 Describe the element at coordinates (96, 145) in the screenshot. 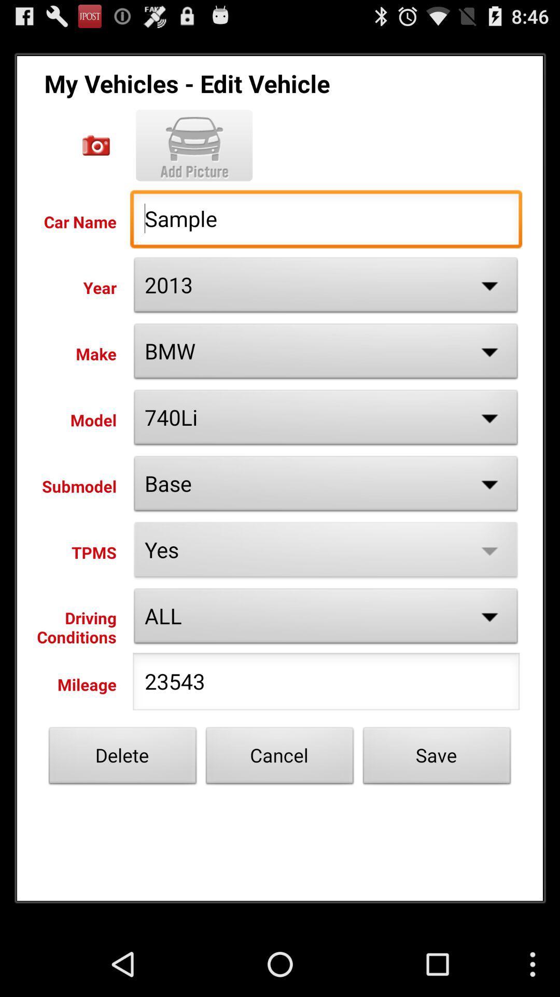

I see `picture` at that location.